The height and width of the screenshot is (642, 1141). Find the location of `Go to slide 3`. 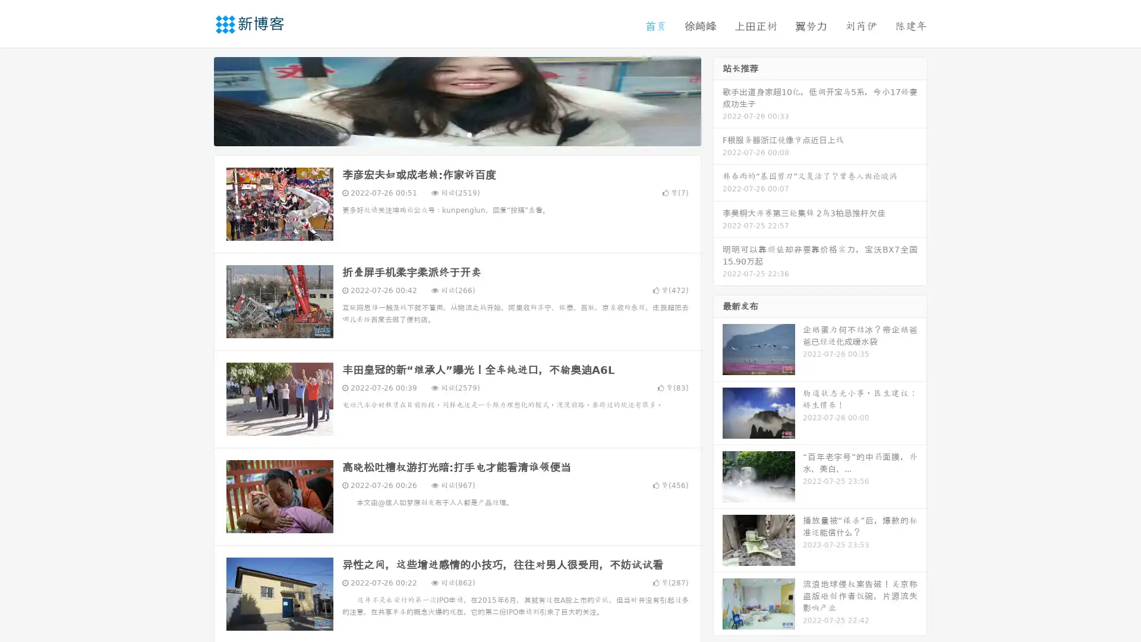

Go to slide 3 is located at coordinates (469, 134).